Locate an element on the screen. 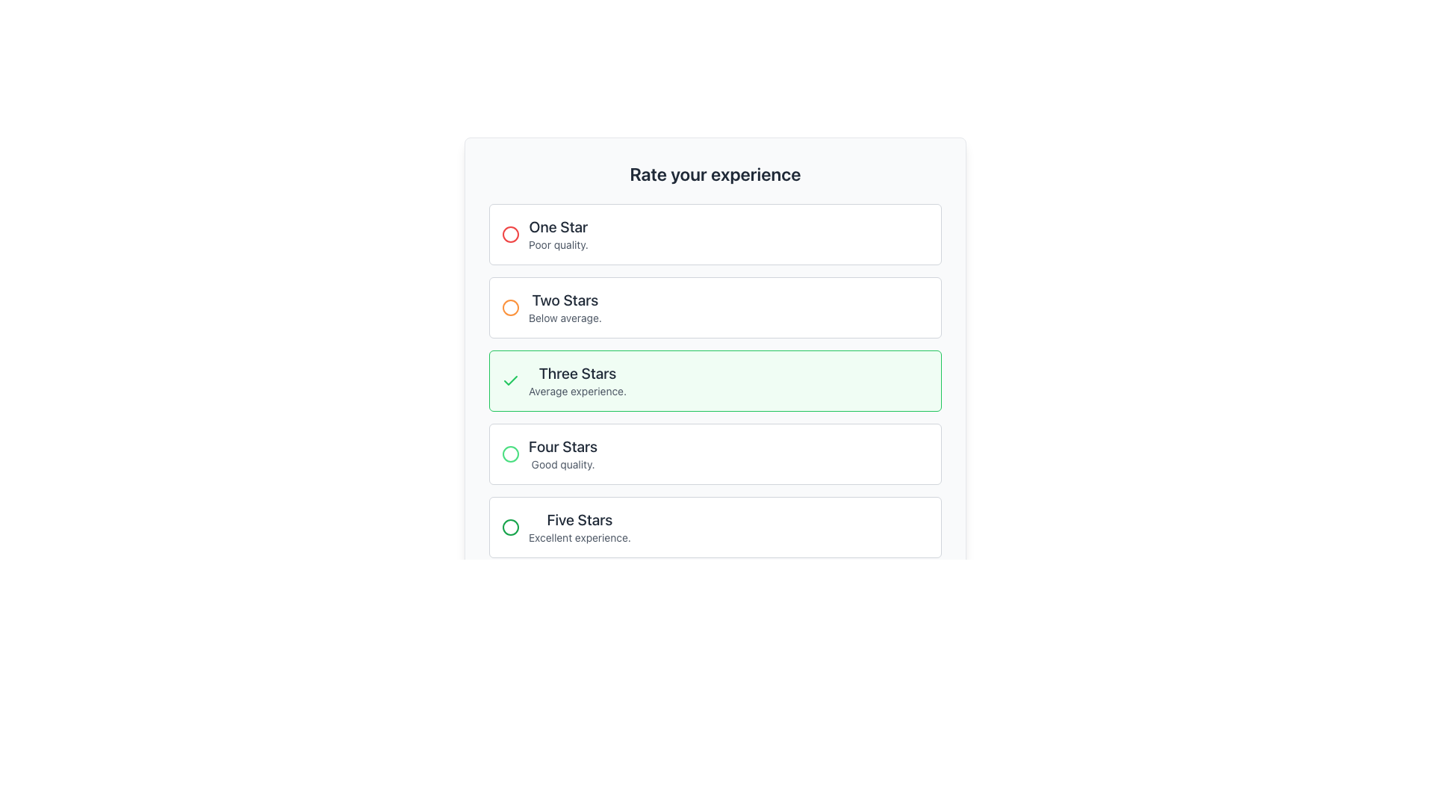  the green checkmark icon indicating a selected state in the third row of the 'Rate your experience' list, located to the left of the 'Three Stars' text is located at coordinates (511, 380).